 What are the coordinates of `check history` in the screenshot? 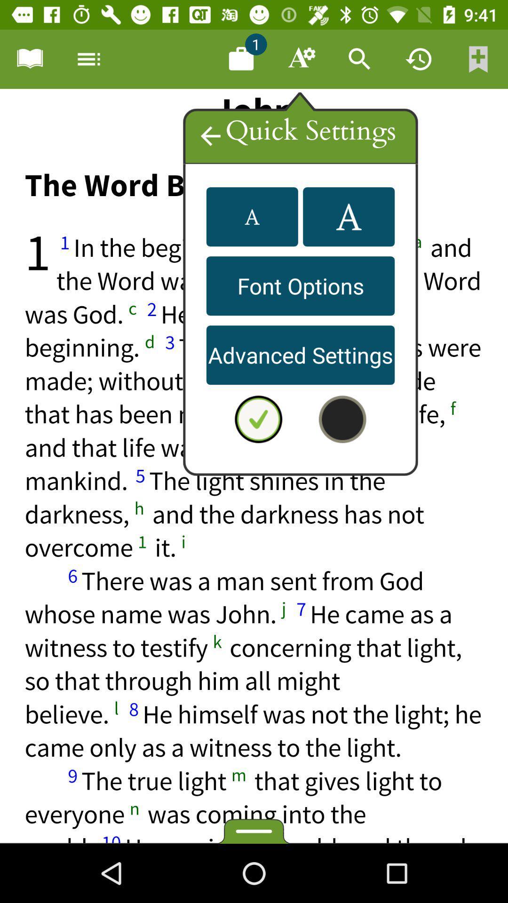 It's located at (419, 58).